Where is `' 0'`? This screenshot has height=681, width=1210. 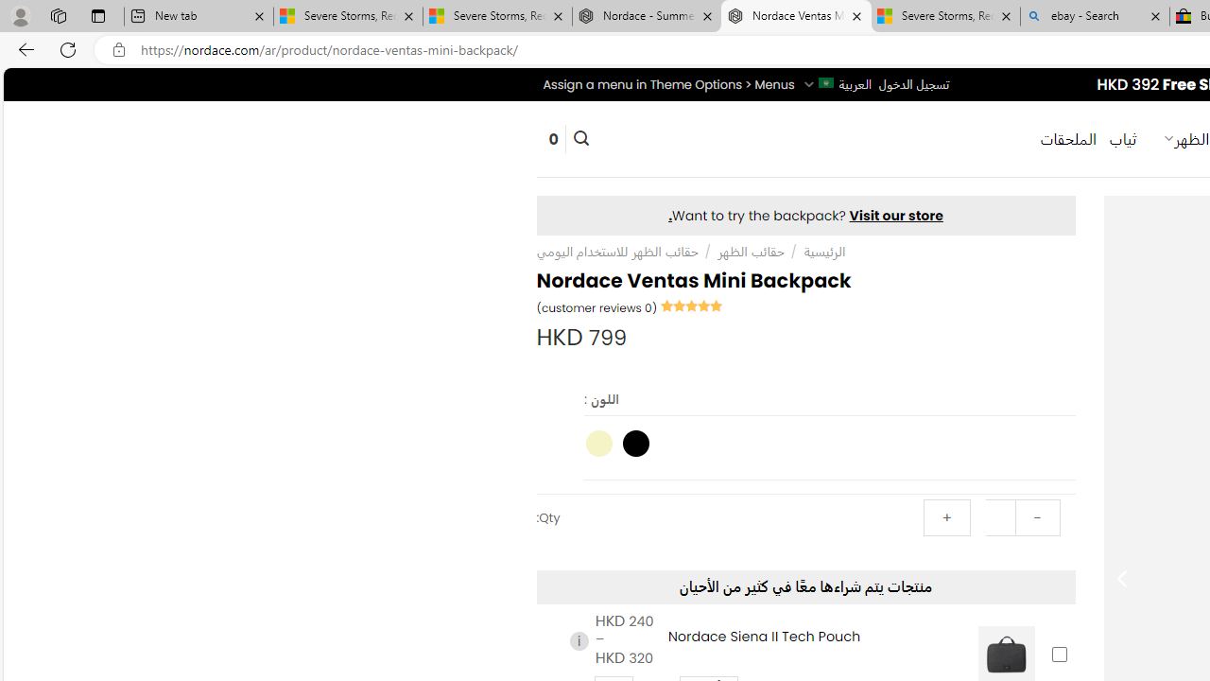
' 0' is located at coordinates (552, 137).